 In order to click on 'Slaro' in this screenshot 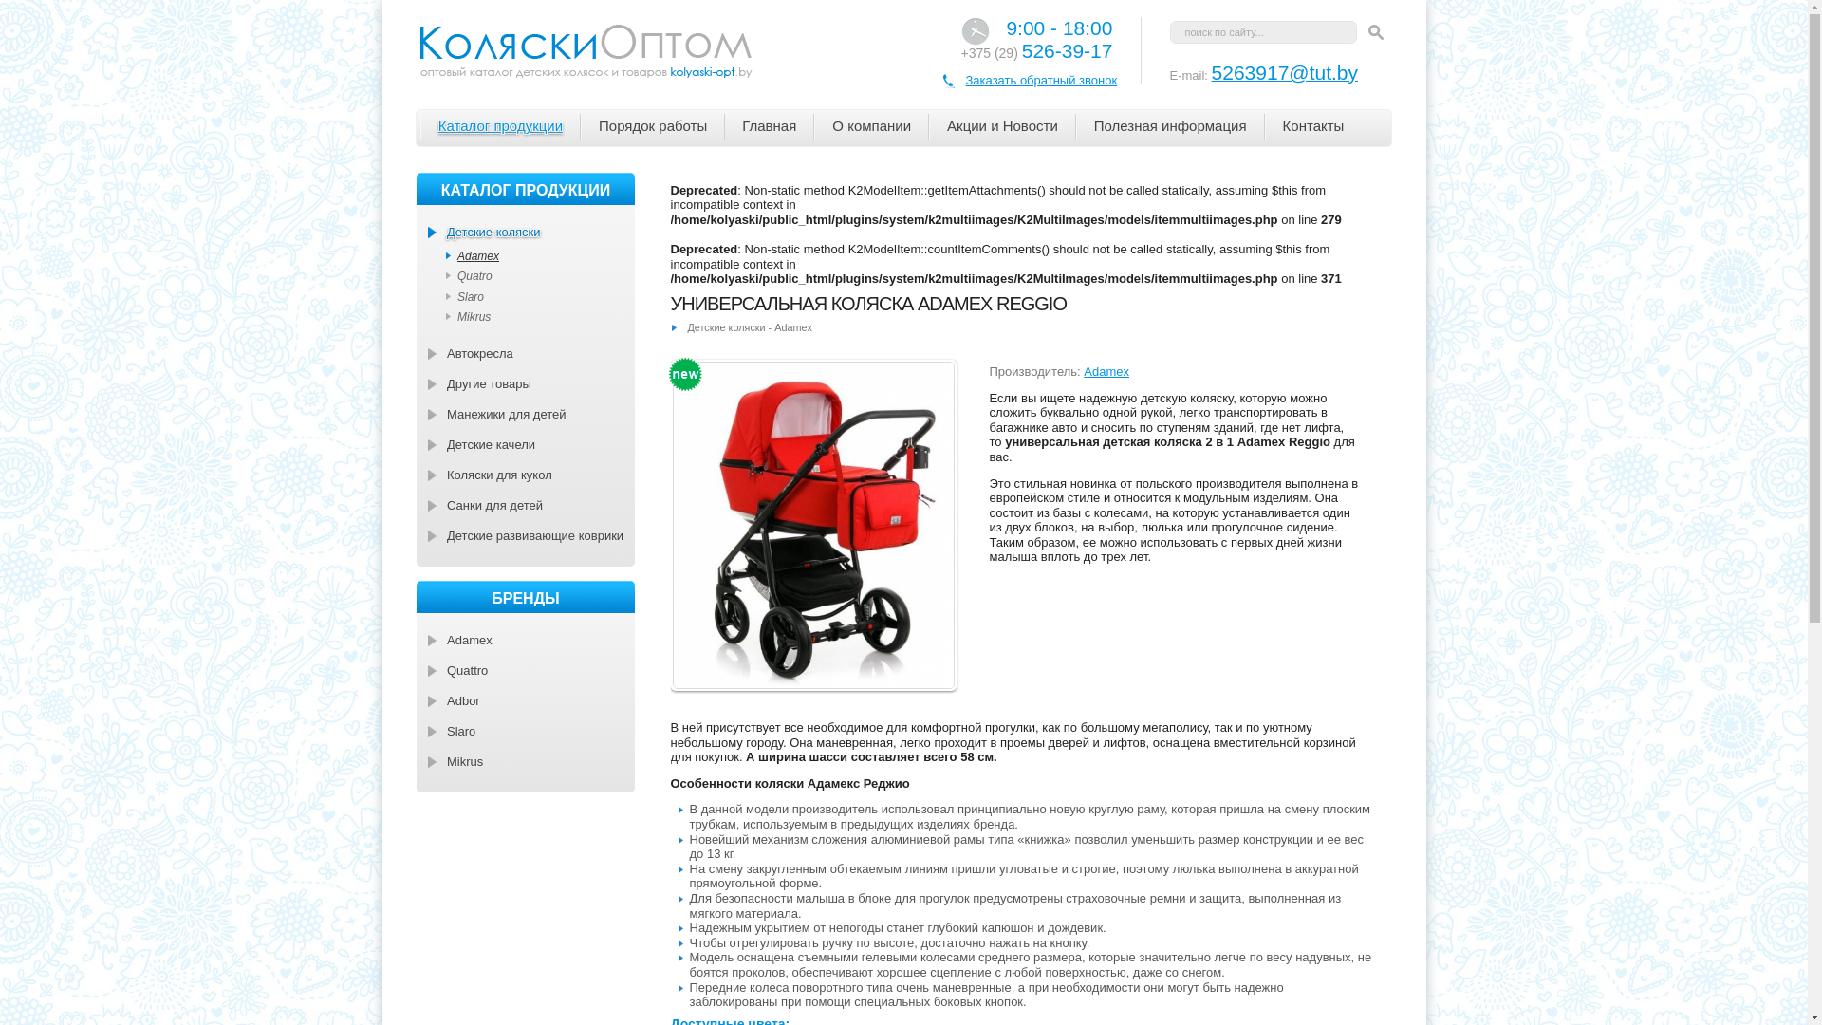, I will do `click(542, 296)`.